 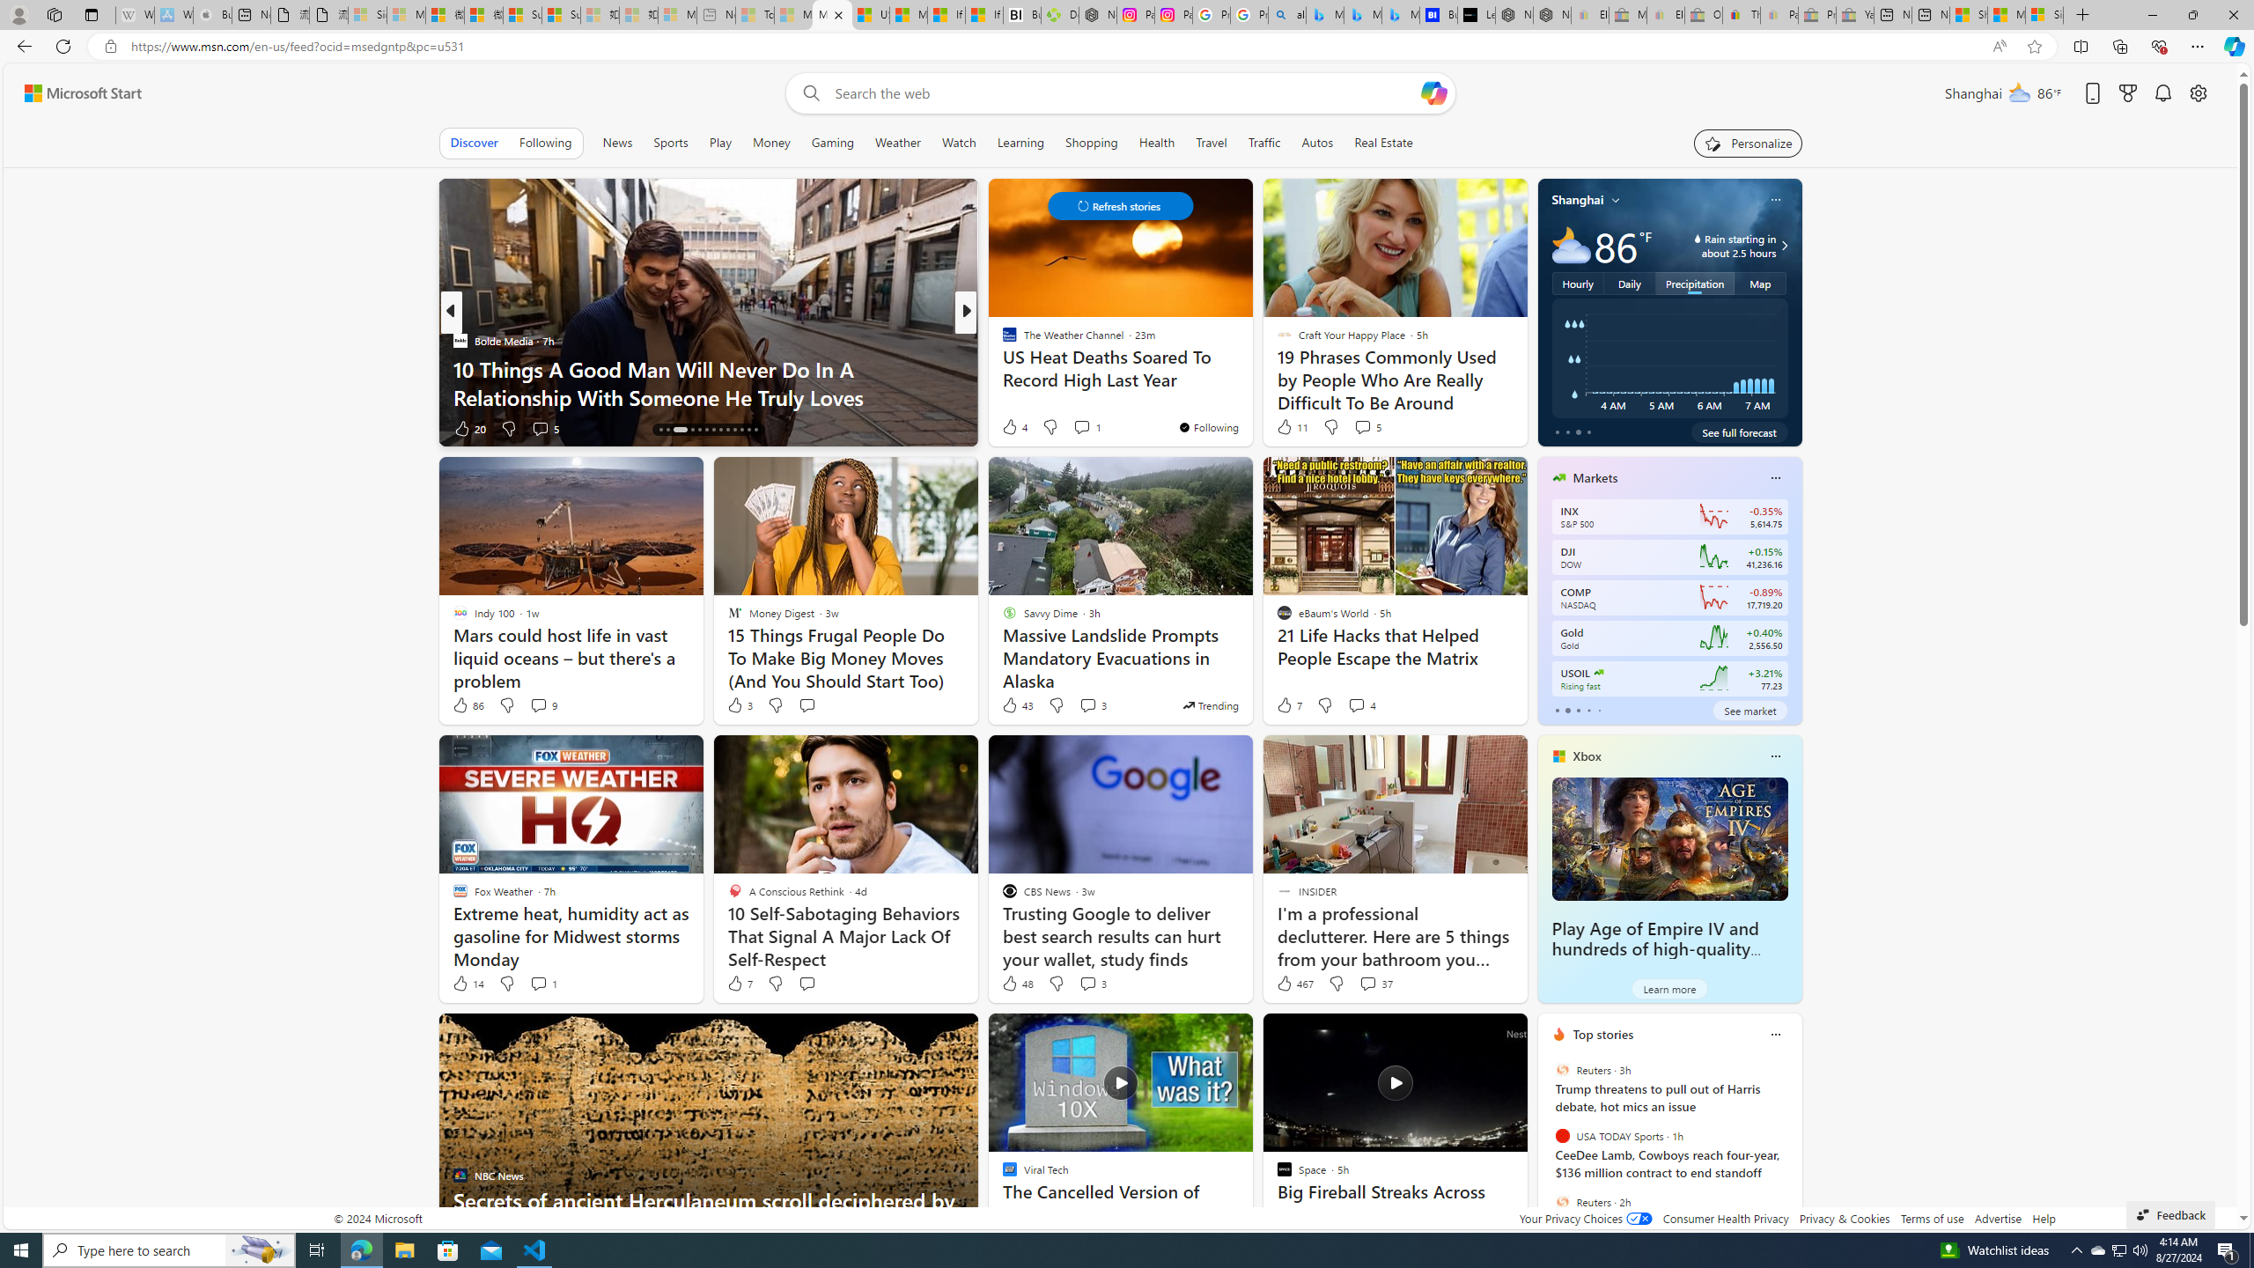 I want to click on 'Privacy & Cookies', so click(x=1845, y=1217).